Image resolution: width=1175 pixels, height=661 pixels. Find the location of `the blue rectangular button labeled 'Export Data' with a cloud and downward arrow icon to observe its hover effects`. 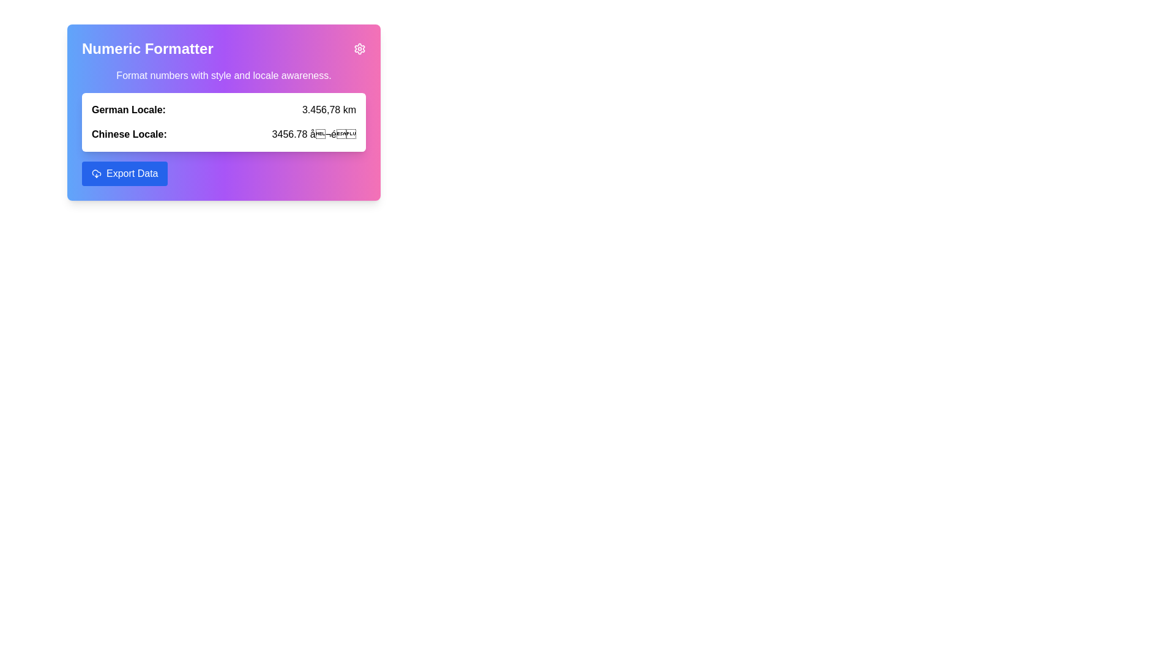

the blue rectangular button labeled 'Export Data' with a cloud and downward arrow icon to observe its hover effects is located at coordinates (125, 174).